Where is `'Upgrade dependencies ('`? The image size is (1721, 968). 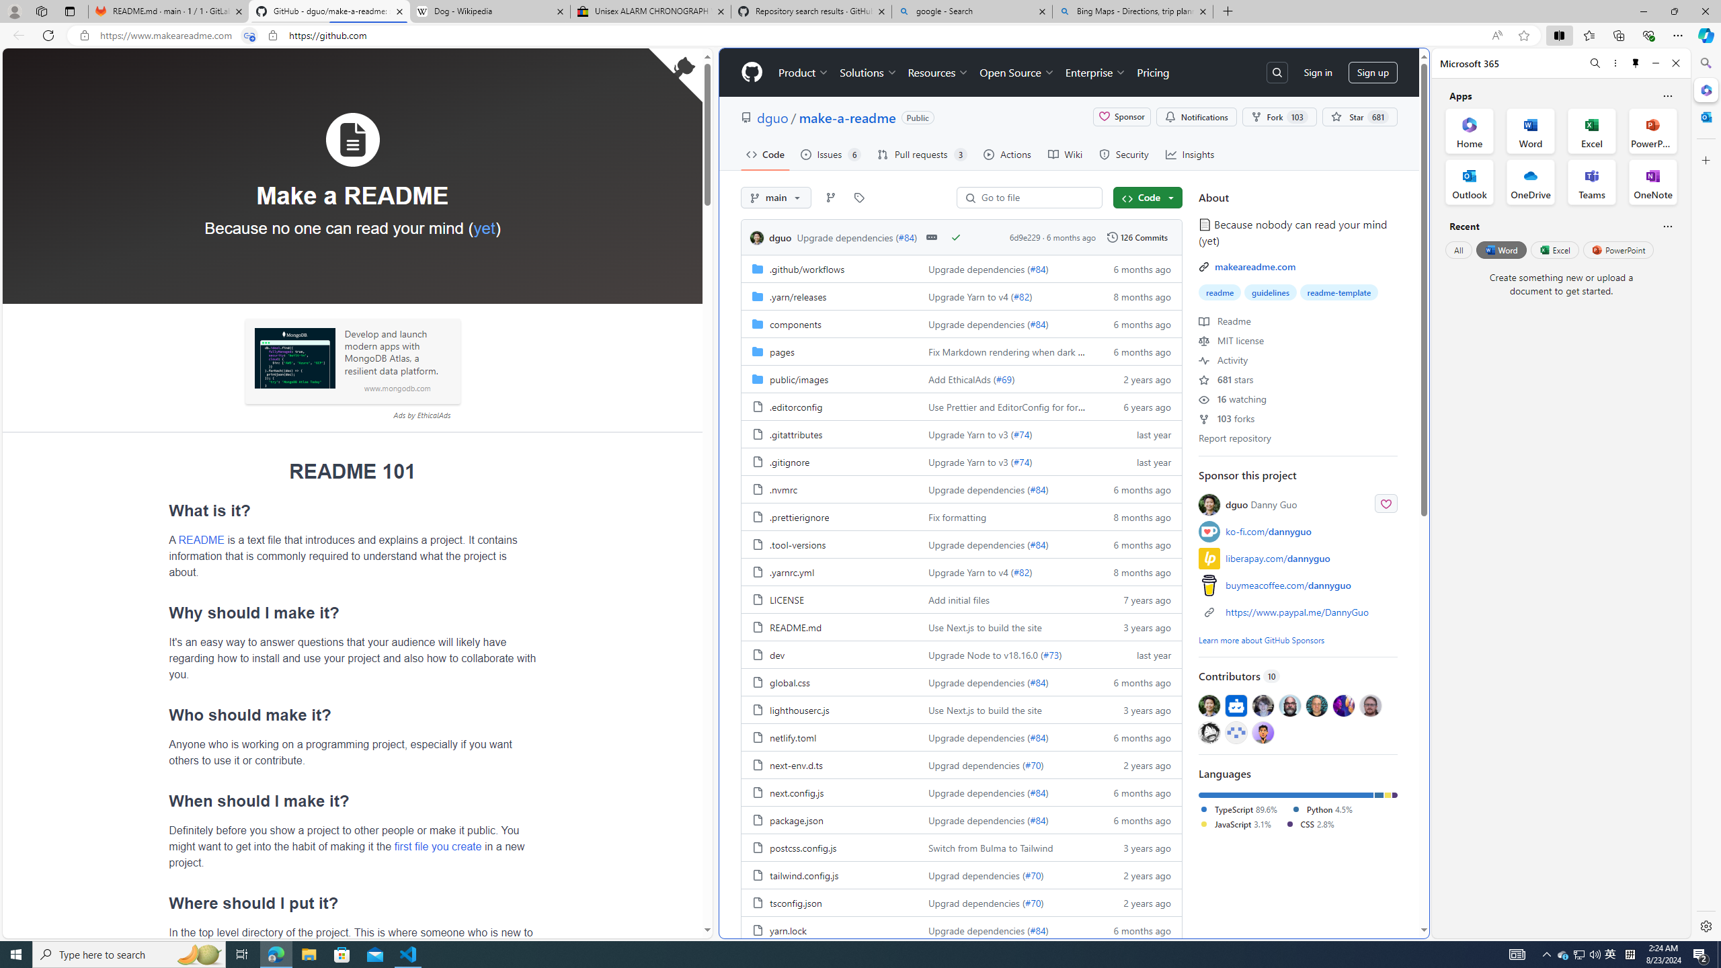 'Upgrade dependencies (' is located at coordinates (978, 929).